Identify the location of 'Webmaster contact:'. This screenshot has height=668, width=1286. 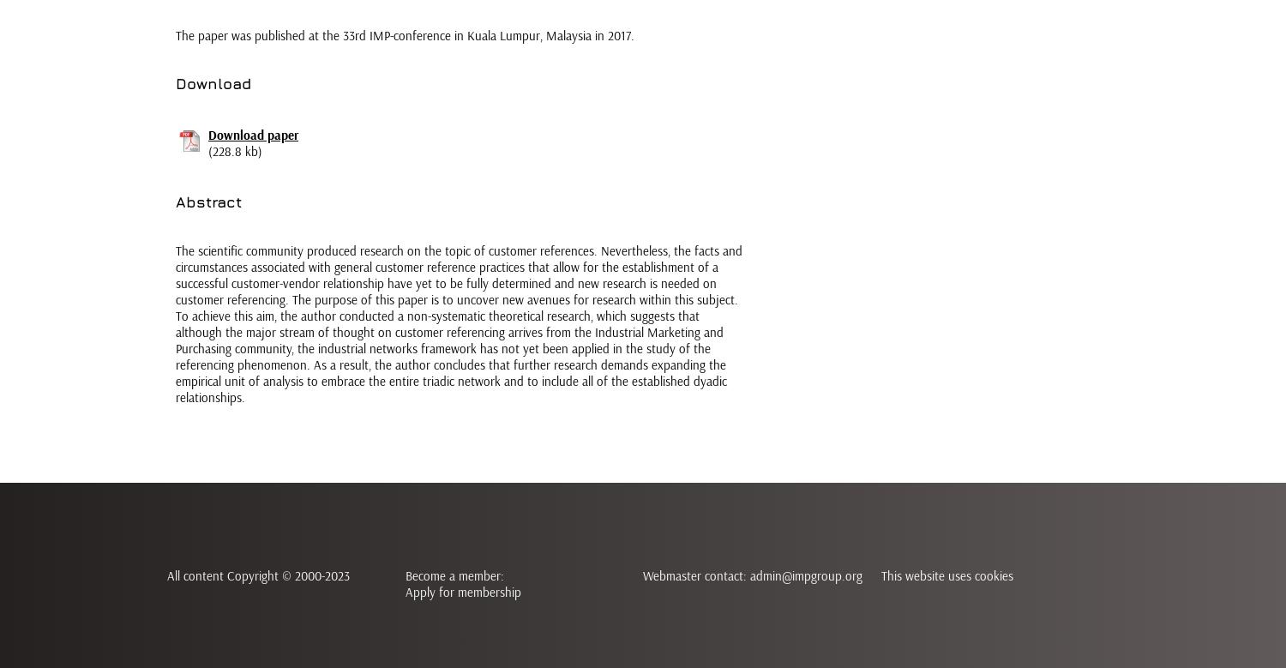
(643, 575).